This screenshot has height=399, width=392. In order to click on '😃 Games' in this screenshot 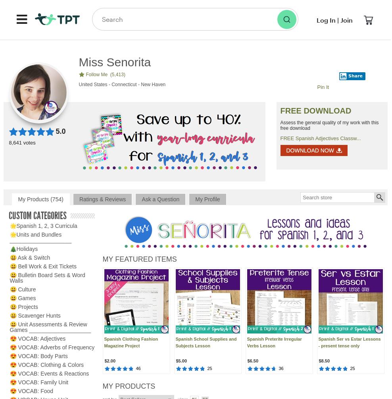, I will do `click(22, 298)`.